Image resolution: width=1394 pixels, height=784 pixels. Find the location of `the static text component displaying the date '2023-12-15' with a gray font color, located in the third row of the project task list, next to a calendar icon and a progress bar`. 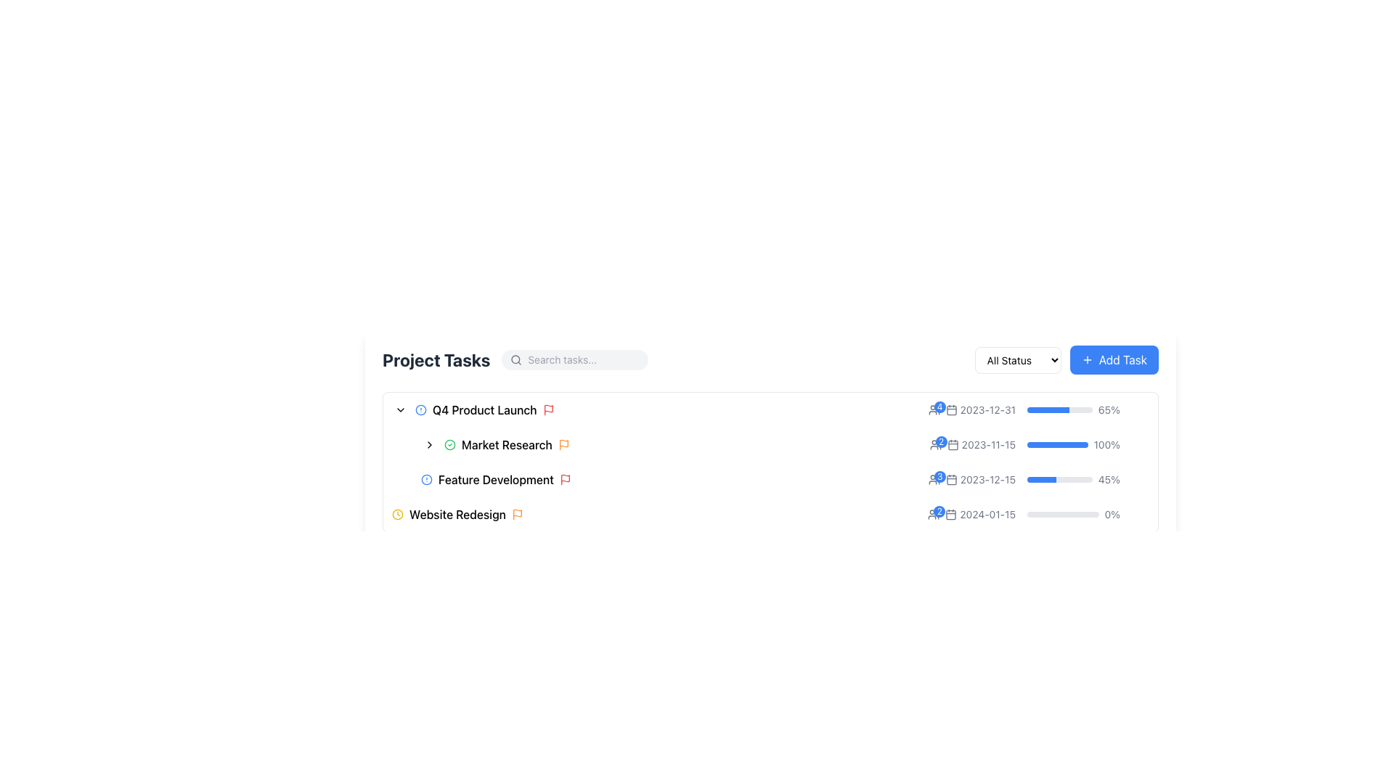

the static text component displaying the date '2023-12-15' with a gray font color, located in the third row of the project task list, next to a calendar icon and a progress bar is located at coordinates (980, 479).